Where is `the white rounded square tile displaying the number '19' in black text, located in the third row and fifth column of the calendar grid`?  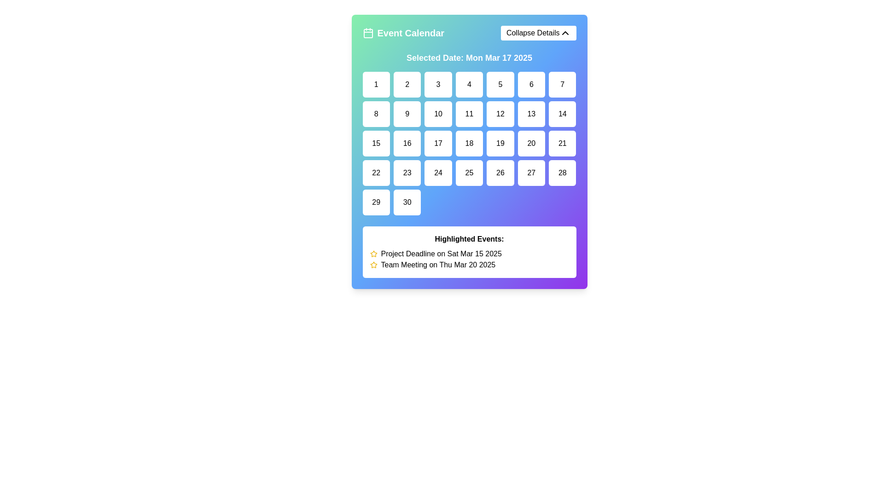 the white rounded square tile displaying the number '19' in black text, located in the third row and fifth column of the calendar grid is located at coordinates (500, 144).